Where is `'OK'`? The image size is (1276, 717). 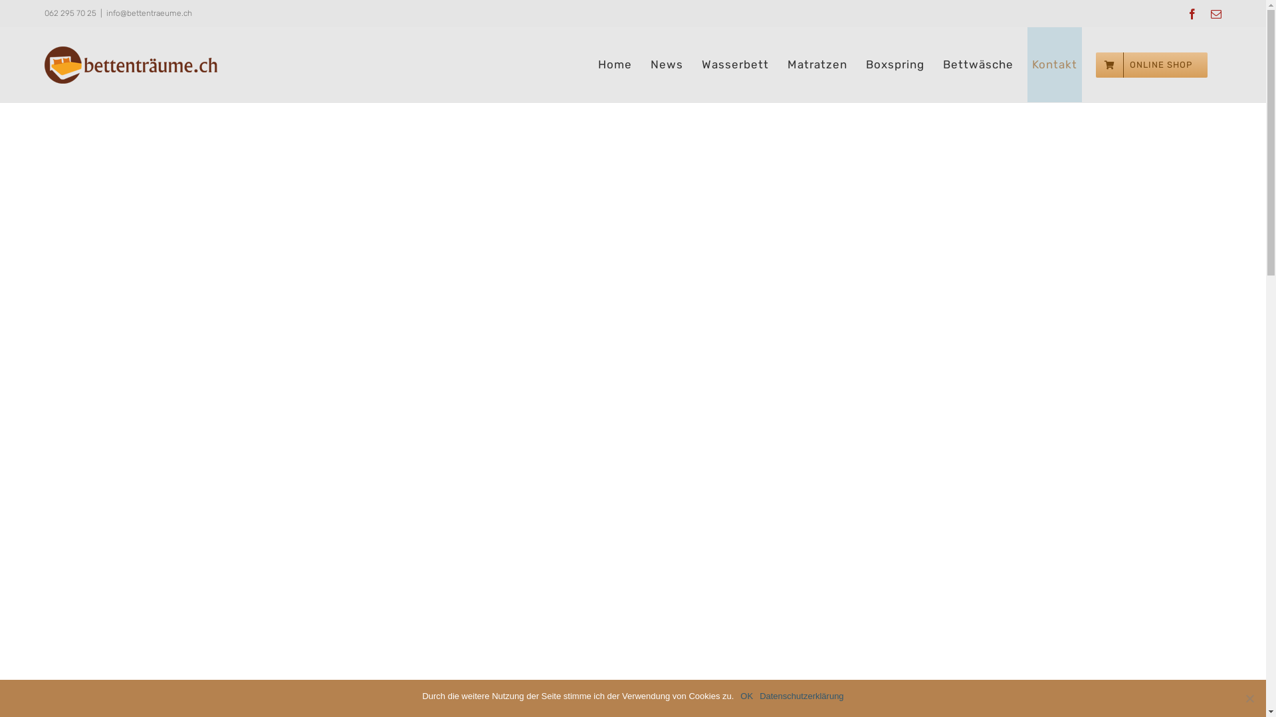 'OK' is located at coordinates (739, 696).